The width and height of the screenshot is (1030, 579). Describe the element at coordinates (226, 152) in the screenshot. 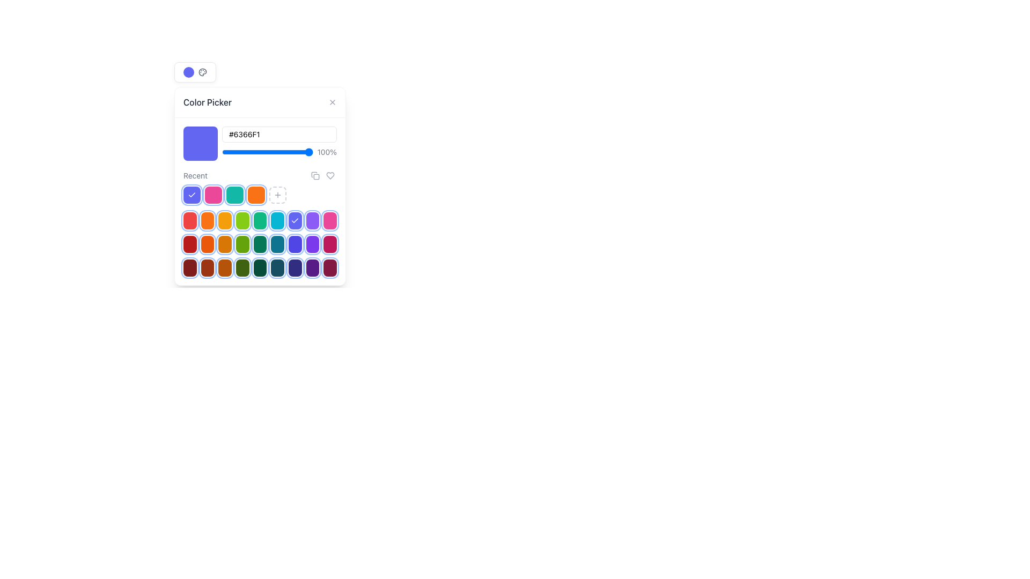

I see `the slider` at that location.